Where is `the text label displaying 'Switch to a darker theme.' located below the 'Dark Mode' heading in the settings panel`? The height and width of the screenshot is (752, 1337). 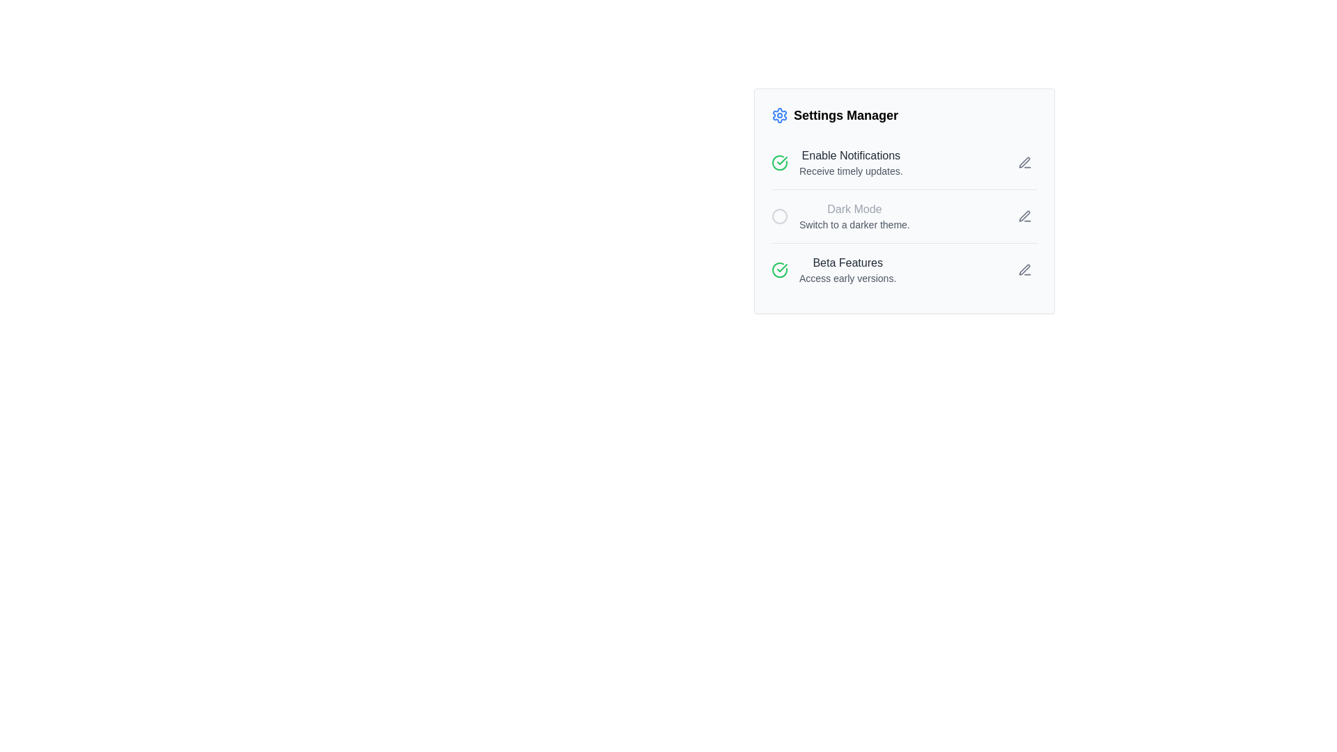
the text label displaying 'Switch to a darker theme.' located below the 'Dark Mode' heading in the settings panel is located at coordinates (854, 224).